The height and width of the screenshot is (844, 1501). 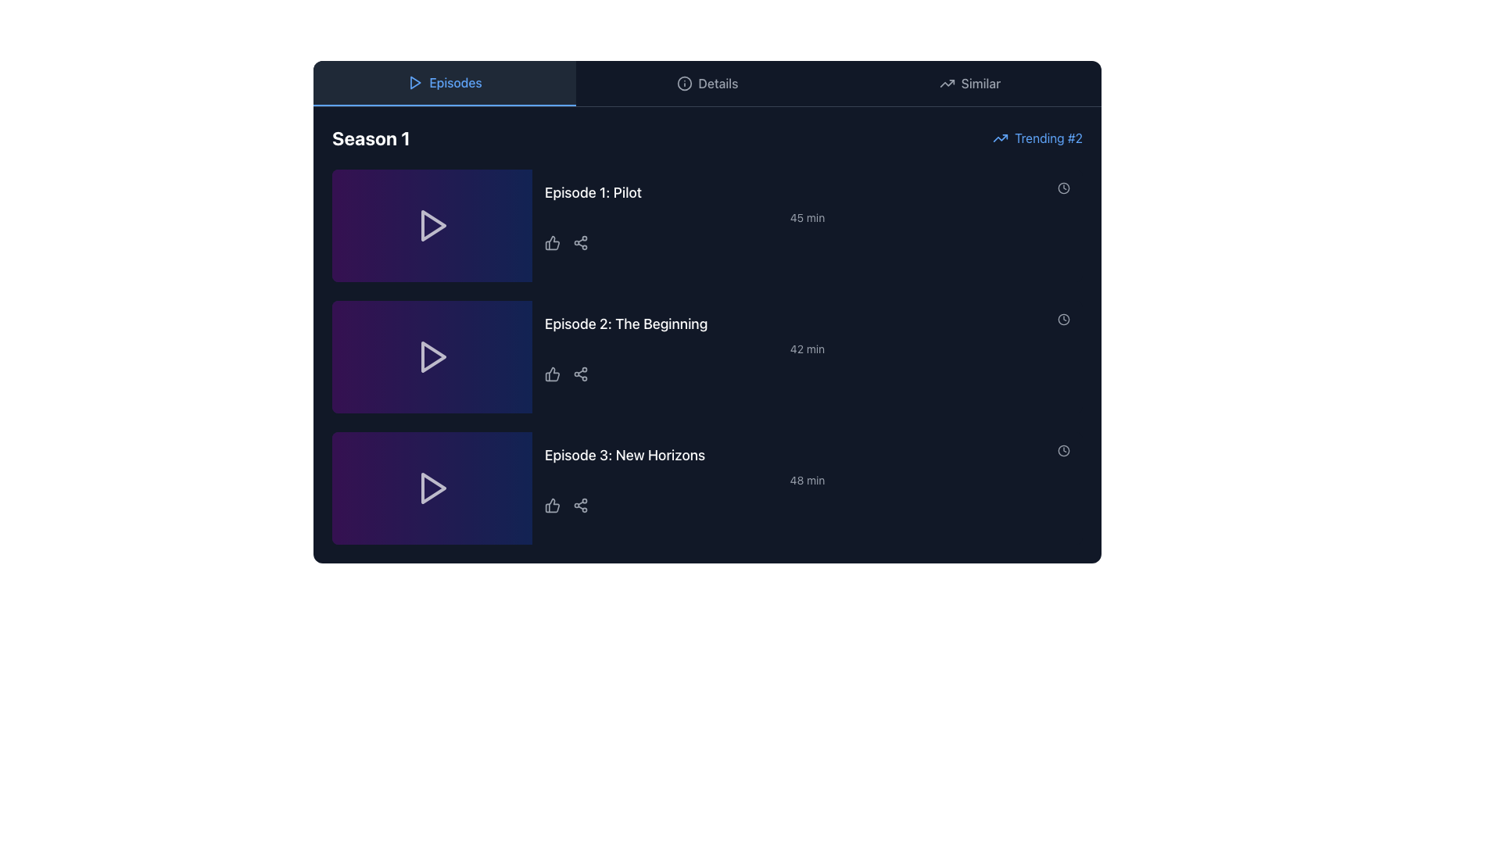 What do you see at coordinates (1037, 138) in the screenshot?
I see `the Text Label with Icon indicating trending content ranked at position 2, located in the top-right corner next to the title 'Season 1'` at bounding box center [1037, 138].